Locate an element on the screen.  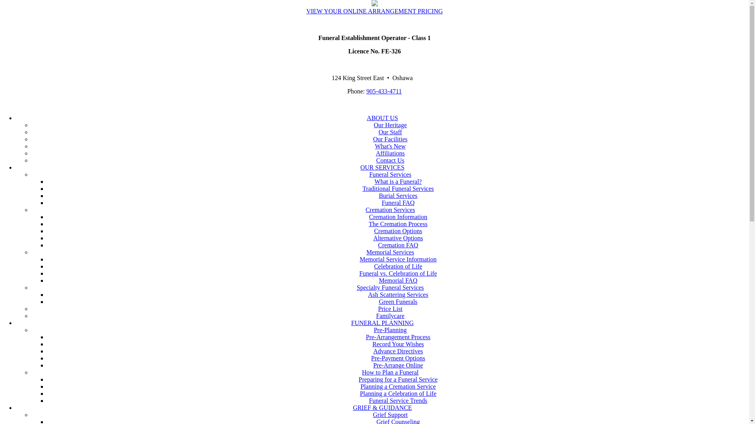
'Cremation Services' is located at coordinates (390, 209).